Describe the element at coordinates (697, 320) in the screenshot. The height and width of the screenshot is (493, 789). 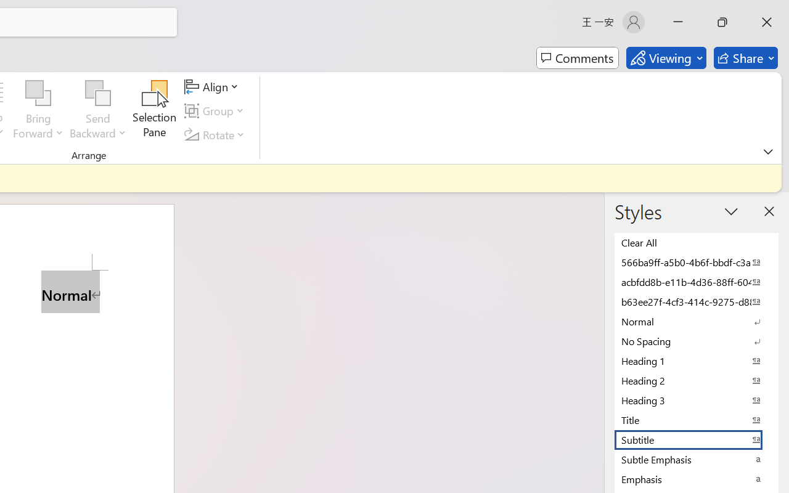
I see `'Normal'` at that location.